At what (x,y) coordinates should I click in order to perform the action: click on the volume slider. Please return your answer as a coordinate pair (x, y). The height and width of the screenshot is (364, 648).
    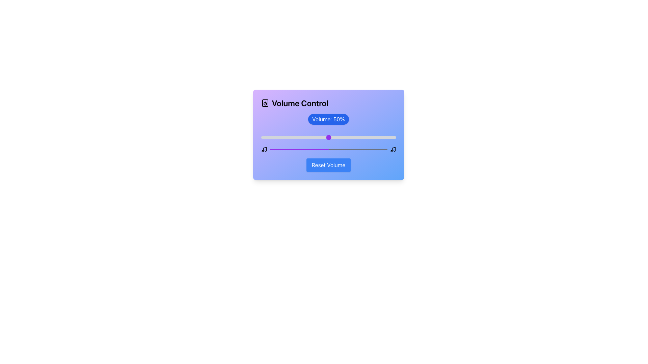
    Looking at the image, I should click on (313, 137).